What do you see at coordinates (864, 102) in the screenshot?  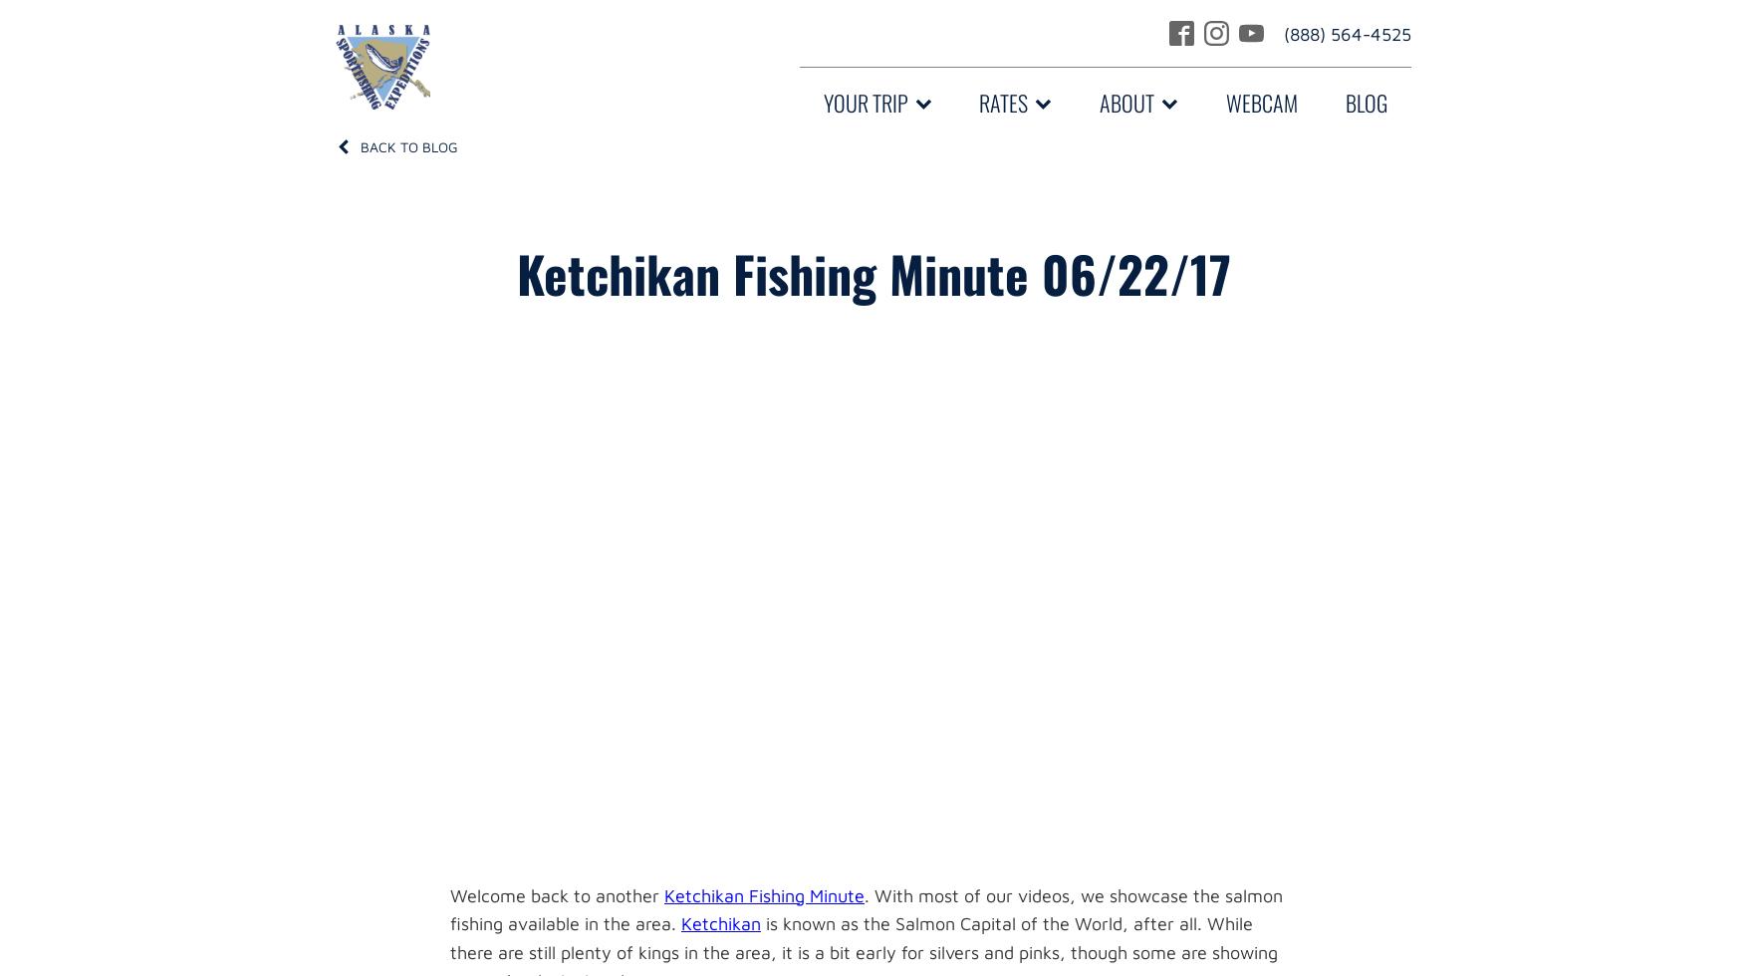 I see `'Your Trip'` at bounding box center [864, 102].